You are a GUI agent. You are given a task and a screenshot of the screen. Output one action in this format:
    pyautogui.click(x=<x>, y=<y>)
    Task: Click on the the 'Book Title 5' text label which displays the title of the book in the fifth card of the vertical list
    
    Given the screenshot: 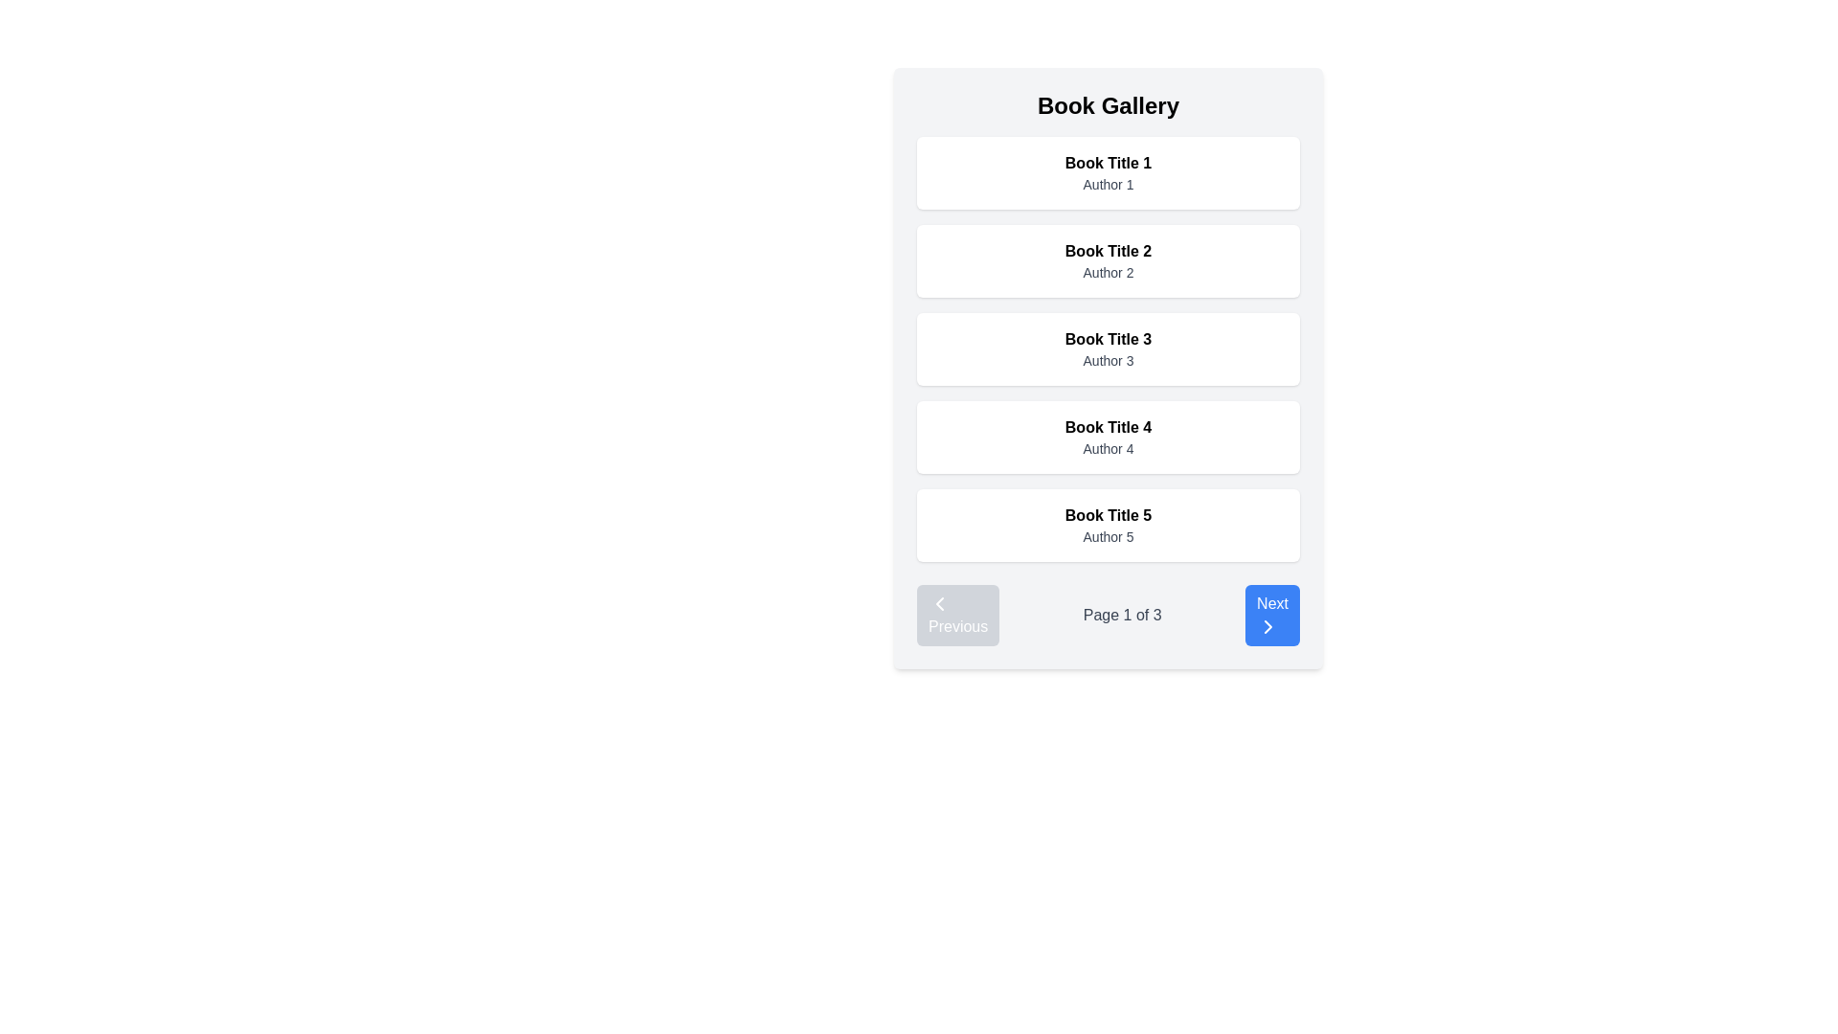 What is the action you would take?
    pyautogui.click(x=1108, y=515)
    